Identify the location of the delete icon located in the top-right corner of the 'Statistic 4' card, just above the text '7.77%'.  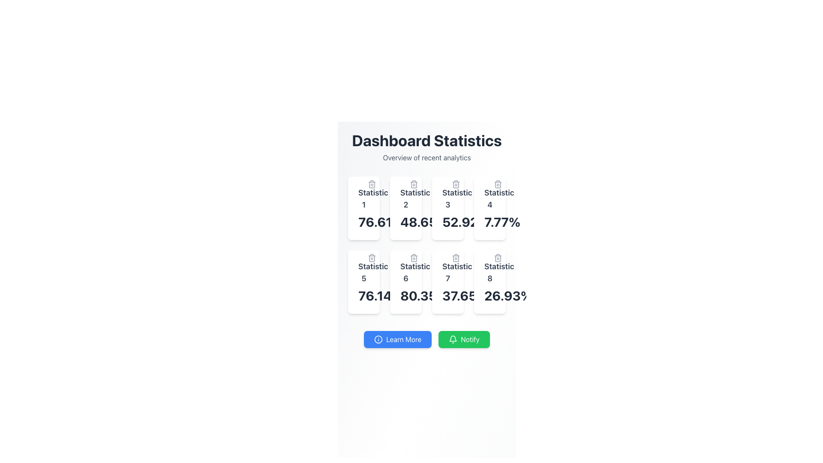
(498, 183).